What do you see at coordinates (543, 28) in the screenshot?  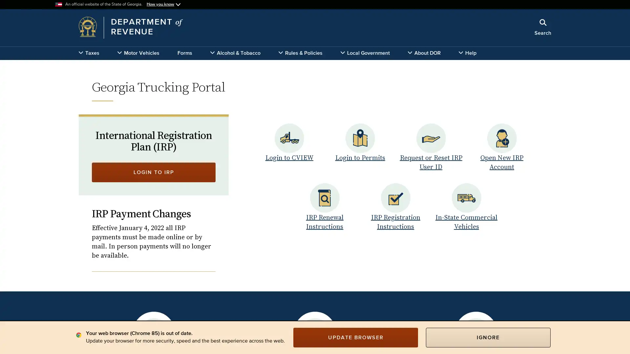 I see `Search` at bounding box center [543, 28].